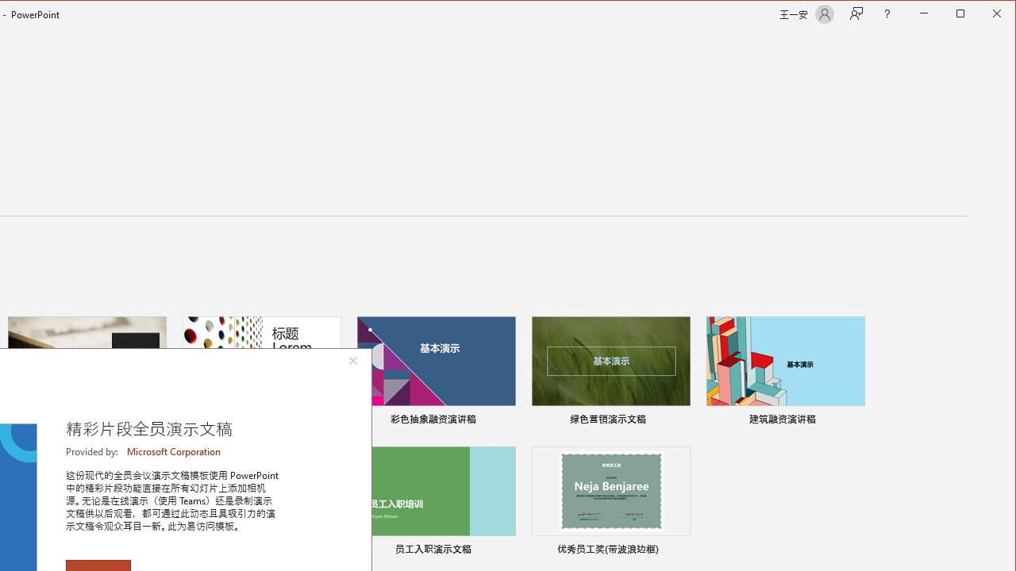  I want to click on 'Microsoft Corporation', so click(175, 451).